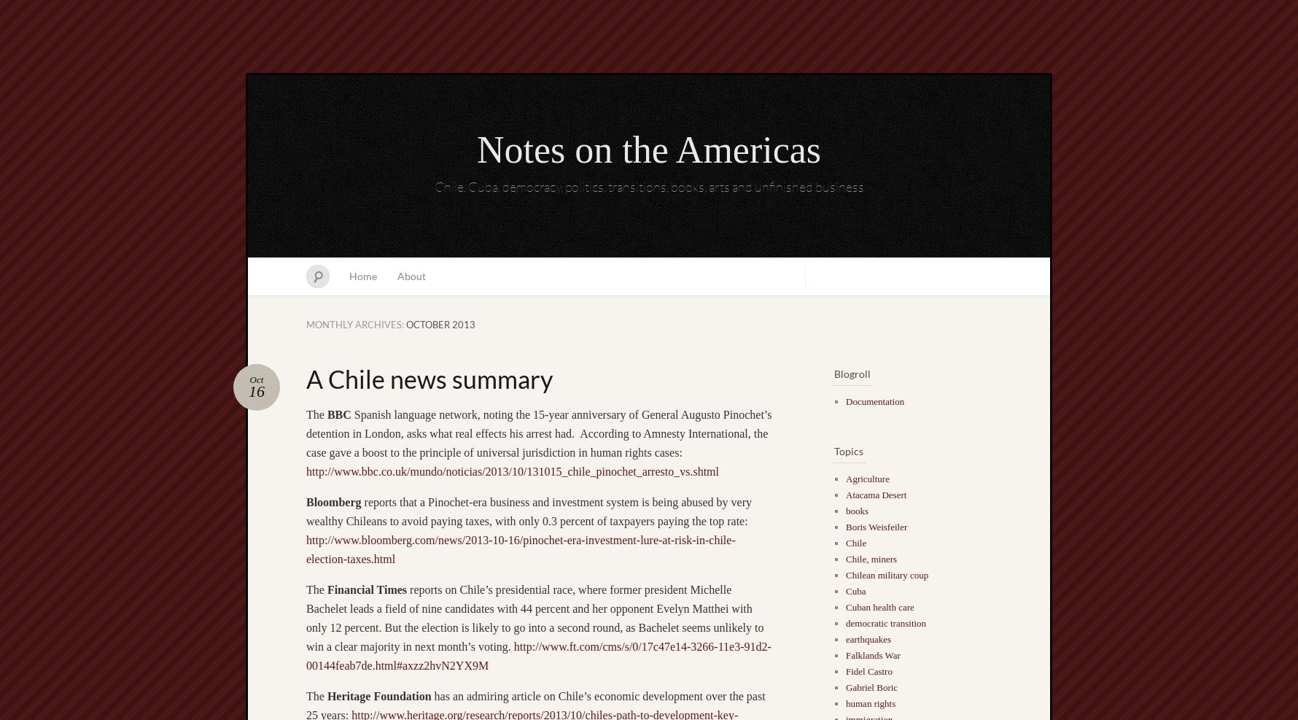 The image size is (1298, 720). Describe the element at coordinates (327, 695) in the screenshot. I see `'Heritage Foundation'` at that location.